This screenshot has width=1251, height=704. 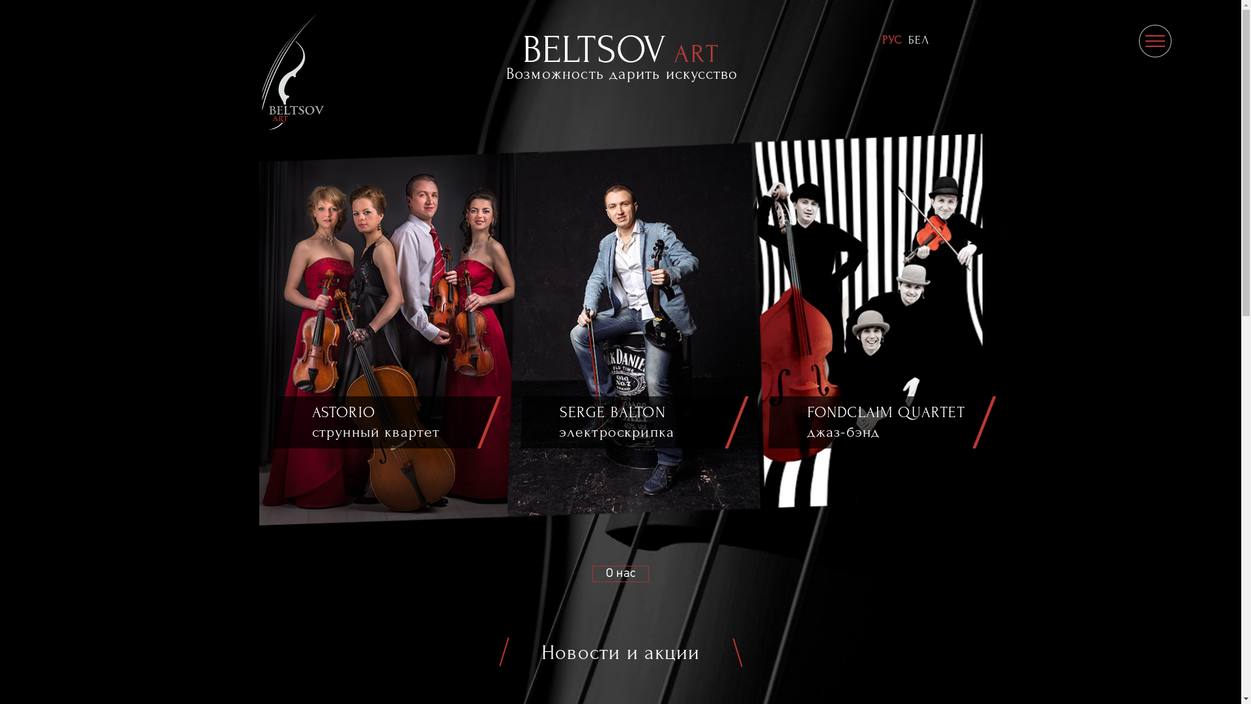 I want to click on 'Beltsovart.by', so click(x=249, y=72).